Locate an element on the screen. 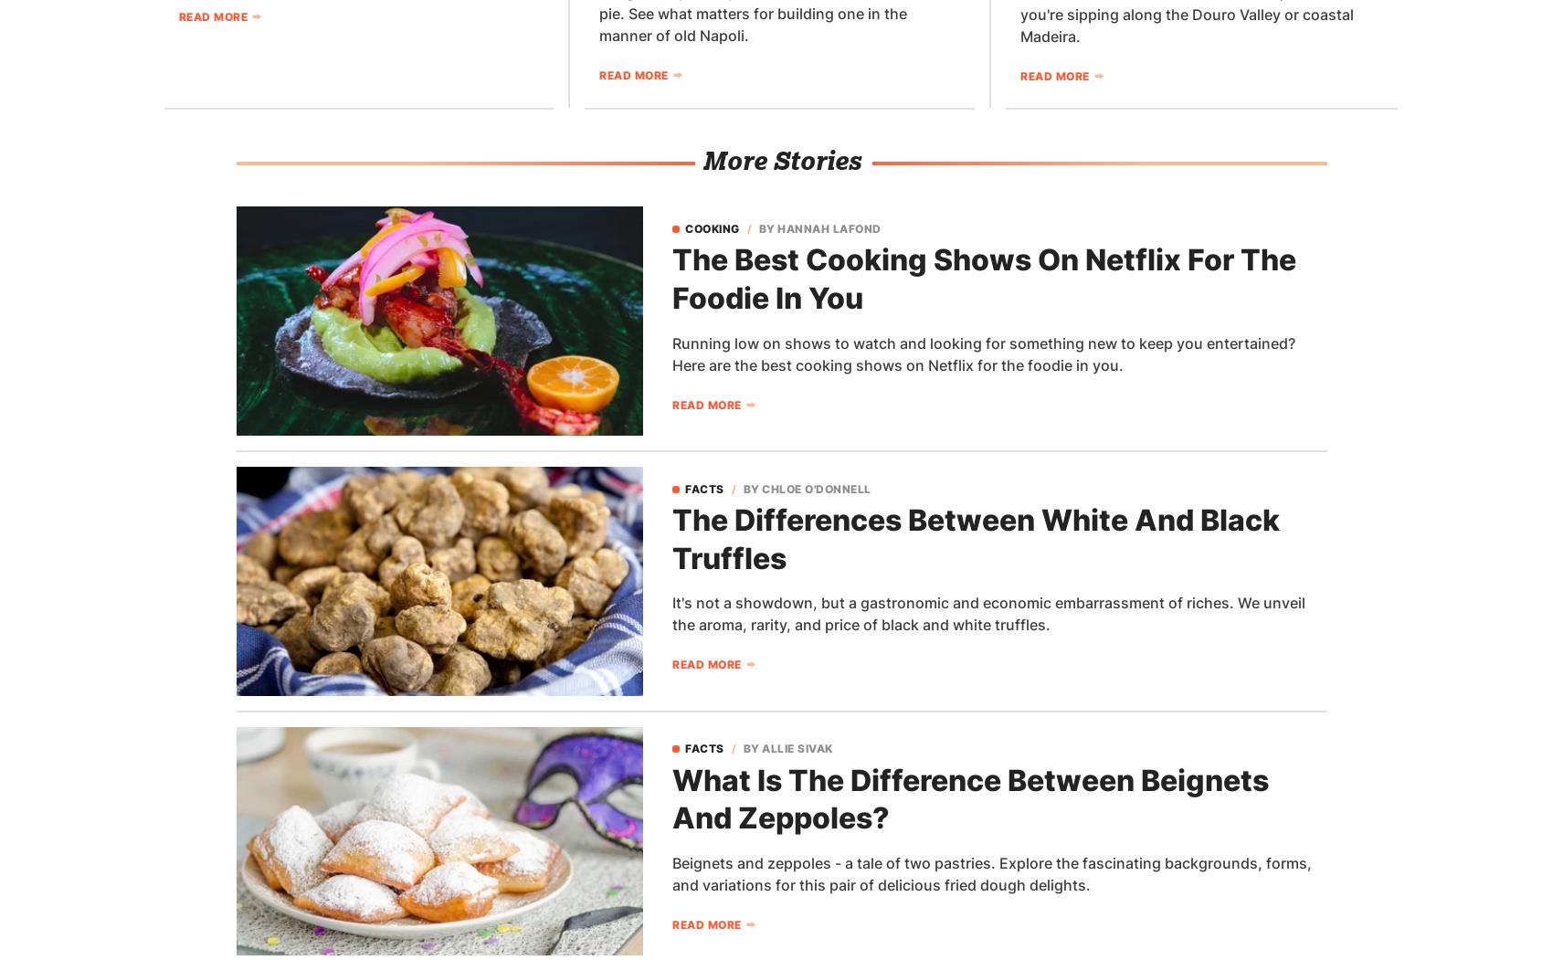 The height and width of the screenshot is (960, 1563). 'The Differences Between White And Black Truffles' is located at coordinates (976, 538).